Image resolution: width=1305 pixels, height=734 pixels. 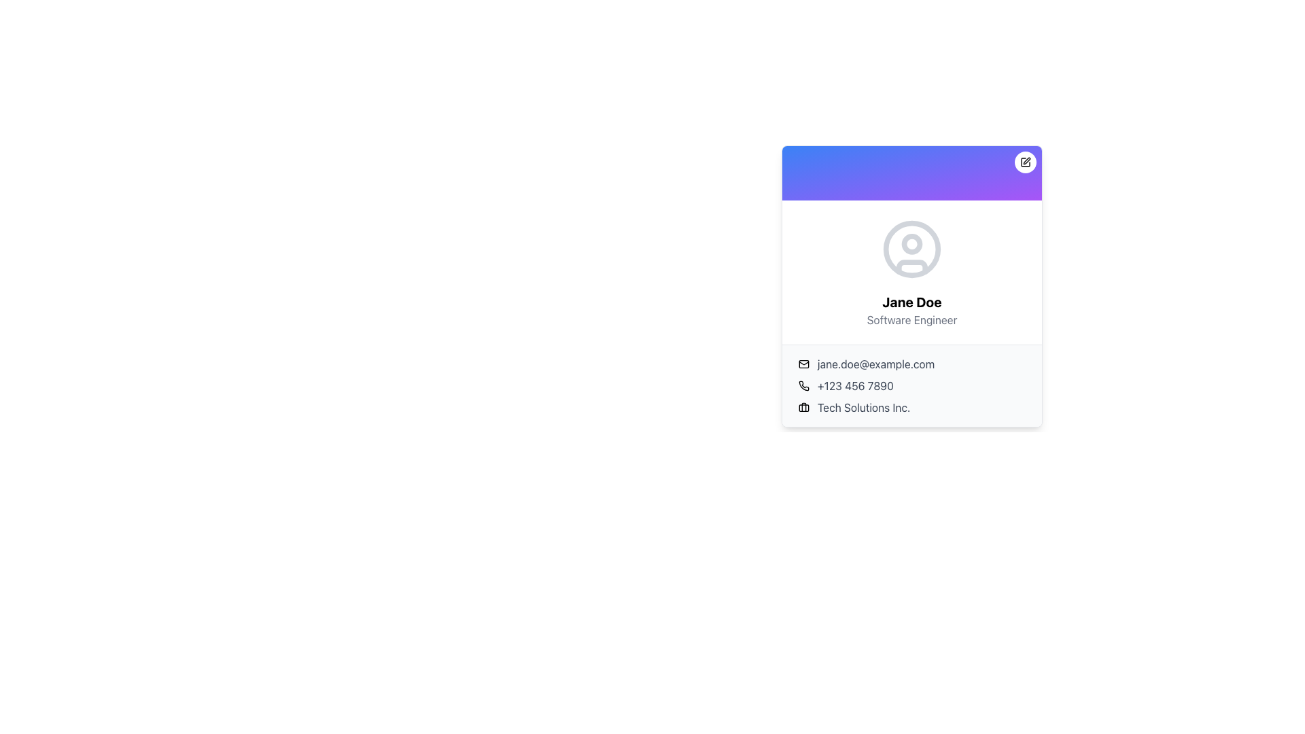 What do you see at coordinates (876, 364) in the screenshot?
I see `the text label displaying the email 'jane.doe@example.com' which is in gray color and positioned to the right of an email icon within a user profile card` at bounding box center [876, 364].